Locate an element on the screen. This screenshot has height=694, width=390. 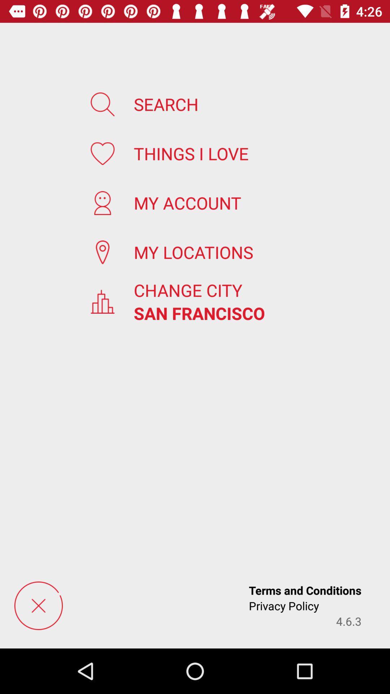
the icon below the terms and conditions app is located at coordinates (348, 621).